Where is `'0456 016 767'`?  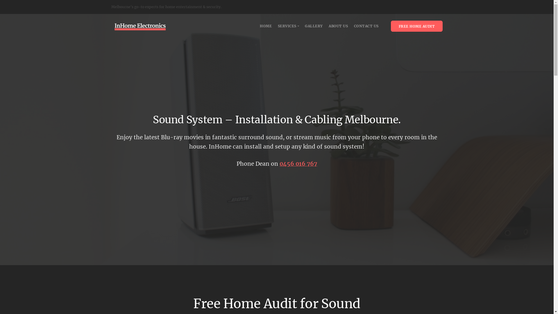 '0456 016 767' is located at coordinates (298, 164).